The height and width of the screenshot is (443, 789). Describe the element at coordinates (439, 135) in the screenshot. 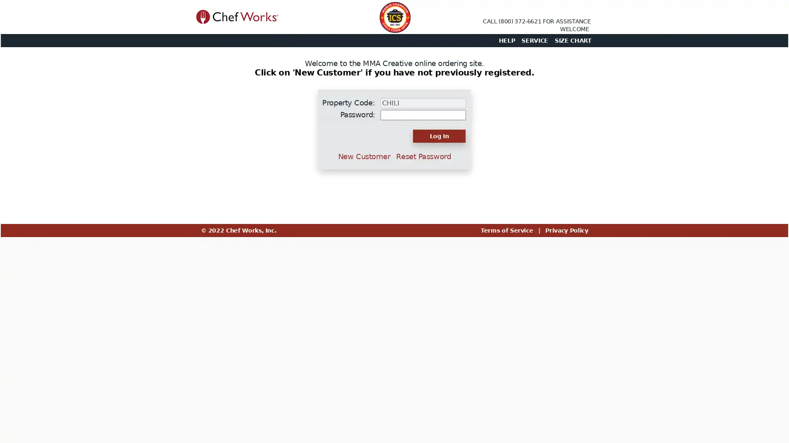

I see `Log In` at that location.